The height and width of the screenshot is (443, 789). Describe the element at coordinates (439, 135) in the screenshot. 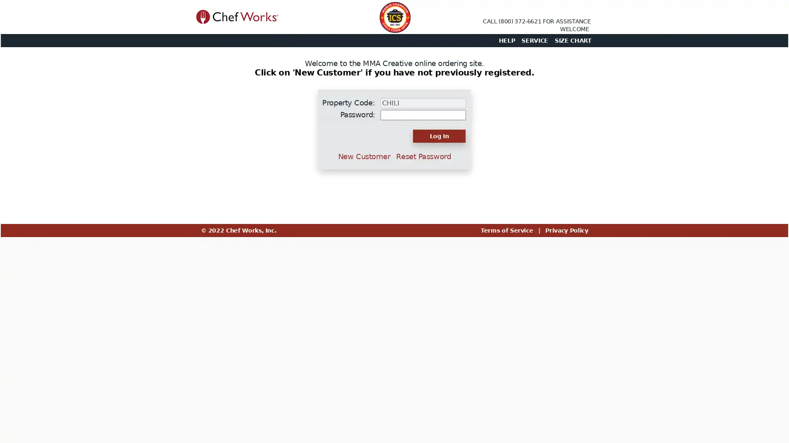

I see `Log In` at that location.